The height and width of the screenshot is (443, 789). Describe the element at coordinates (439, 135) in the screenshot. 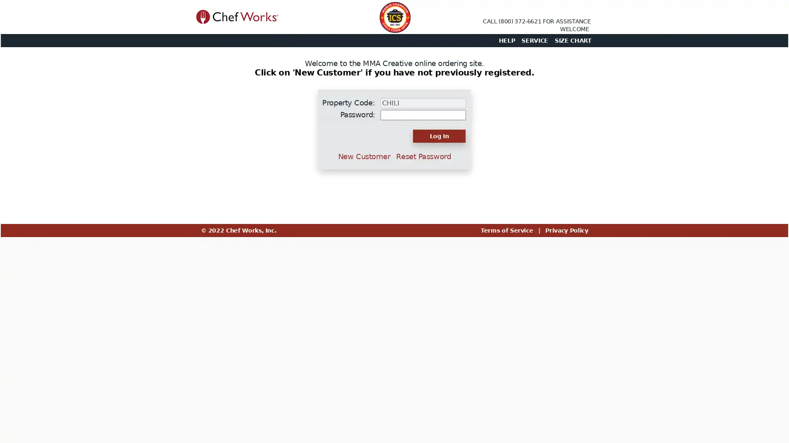

I see `Log In` at that location.